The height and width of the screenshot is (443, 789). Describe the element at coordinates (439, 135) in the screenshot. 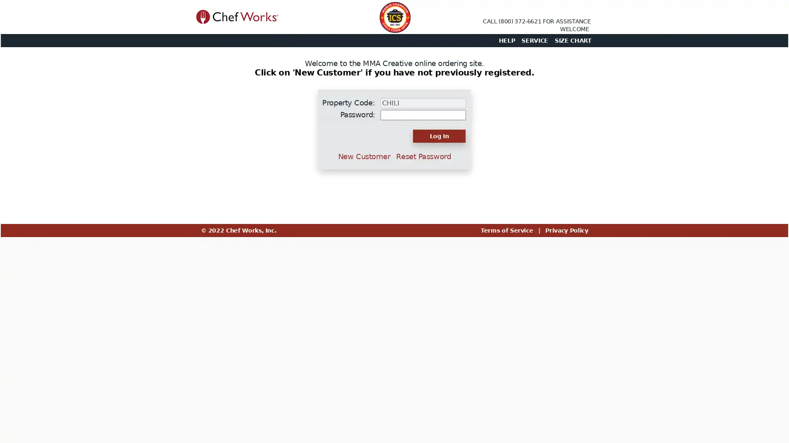

I see `Log In` at that location.